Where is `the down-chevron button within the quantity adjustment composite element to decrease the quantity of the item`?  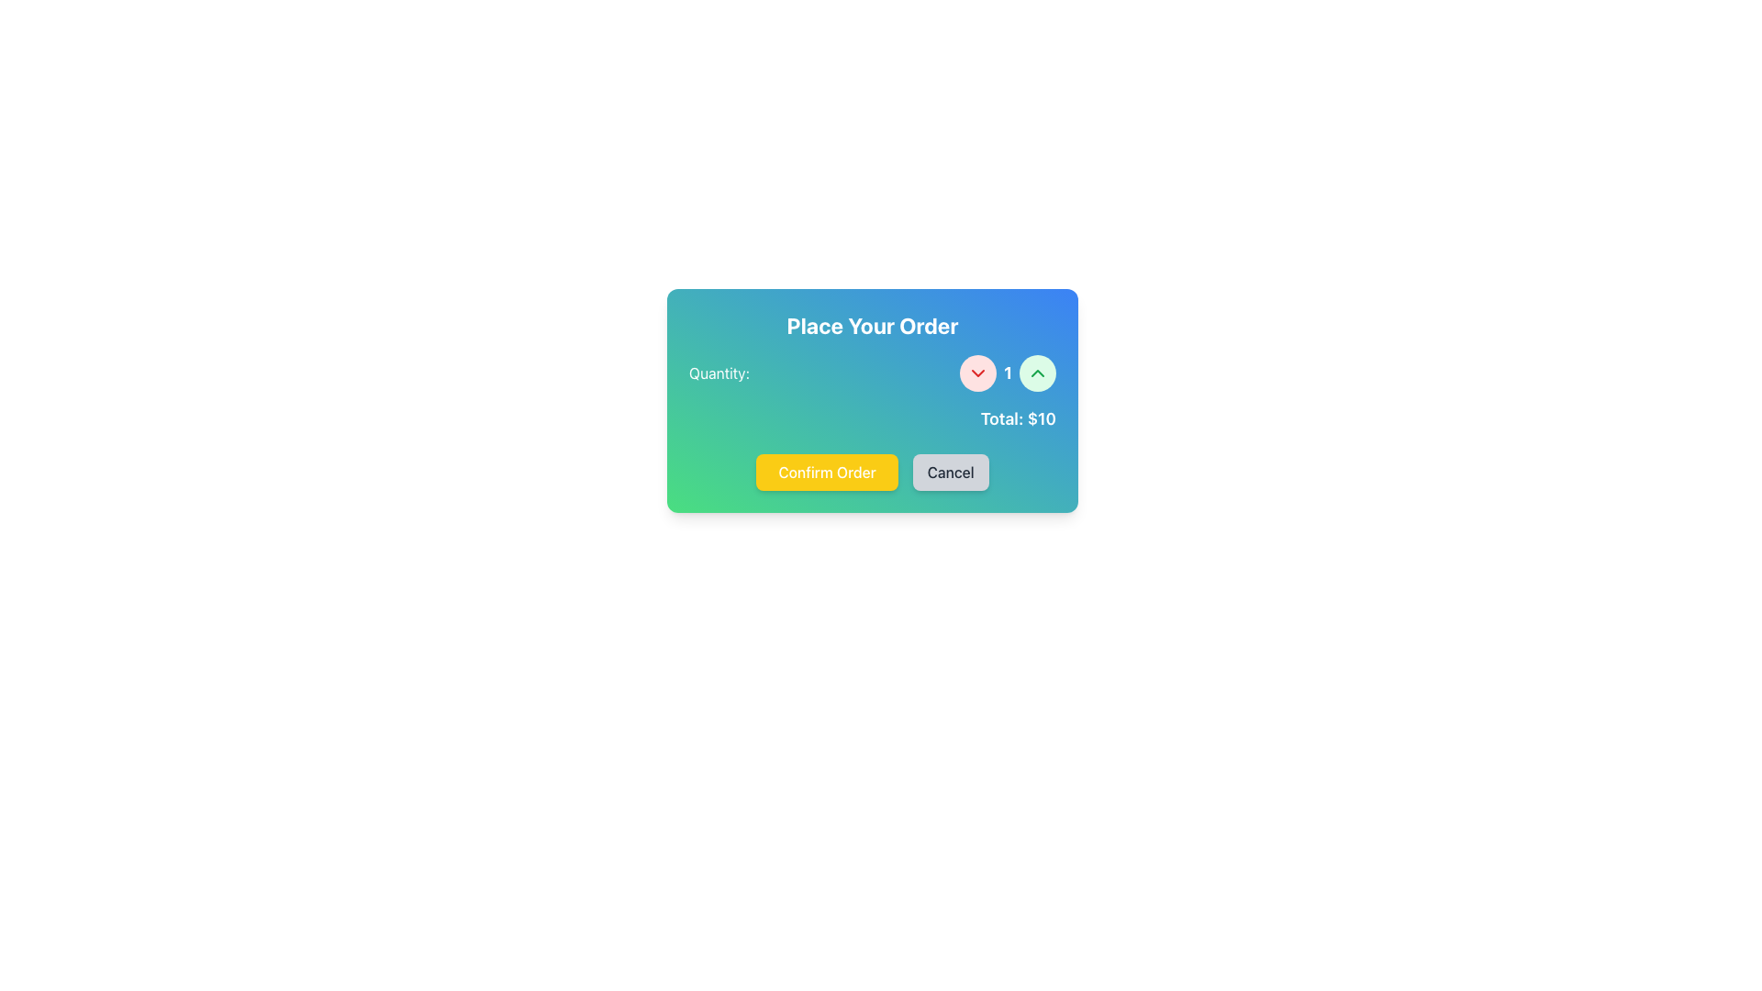
the down-chevron button within the quantity adjustment composite element to decrease the quantity of the item is located at coordinates (871, 373).